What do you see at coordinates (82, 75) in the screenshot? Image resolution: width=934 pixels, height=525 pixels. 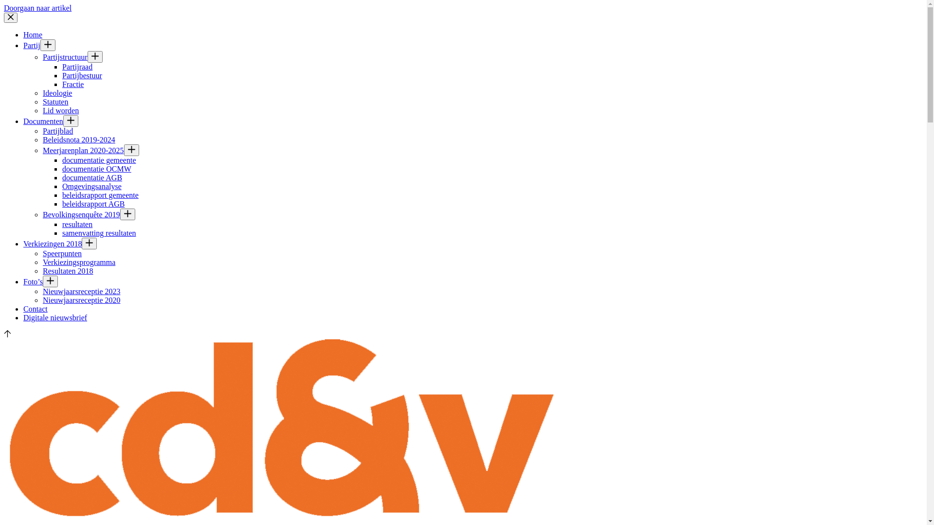 I see `'Partijbestuur'` at bounding box center [82, 75].